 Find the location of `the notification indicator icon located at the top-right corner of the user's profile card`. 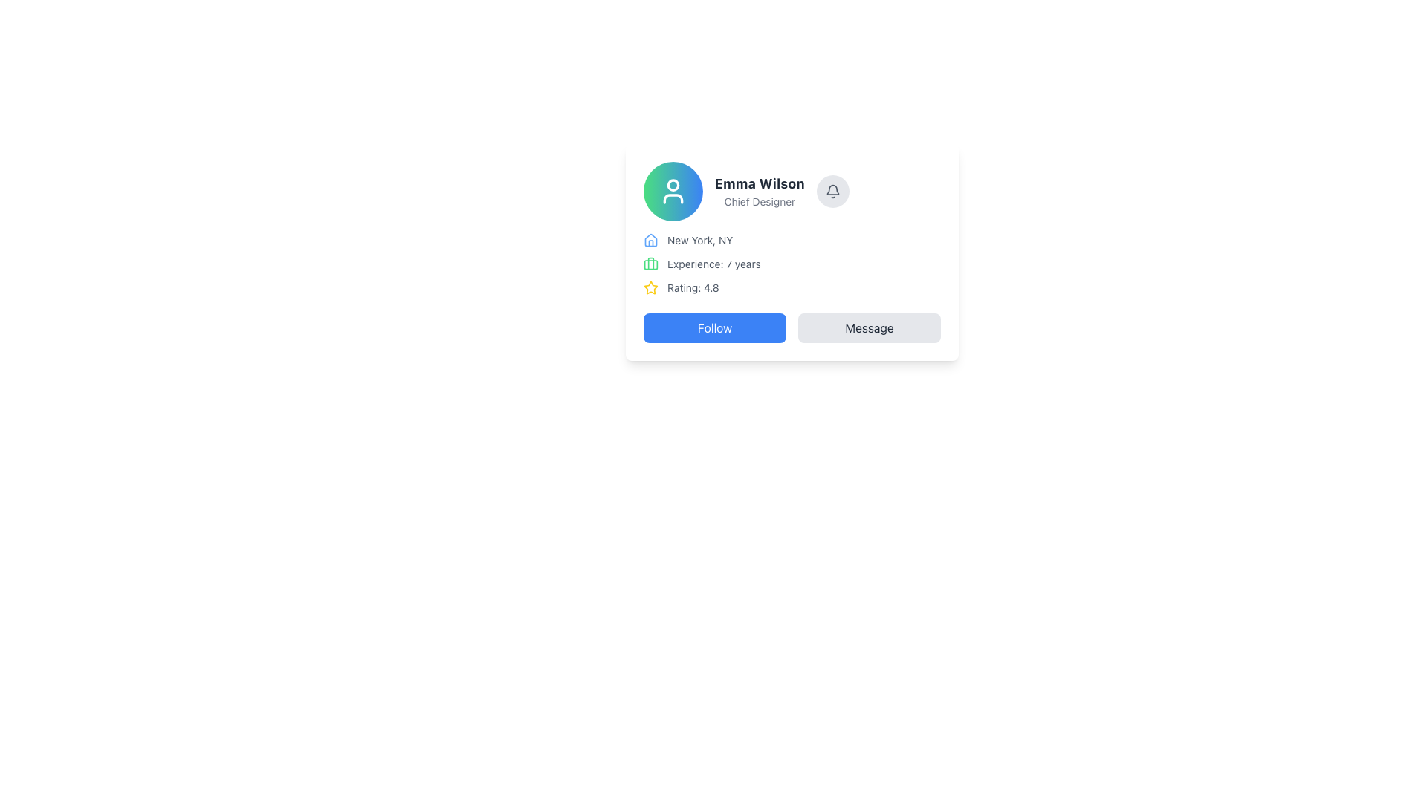

the notification indicator icon located at the top-right corner of the user's profile card is located at coordinates (832, 191).